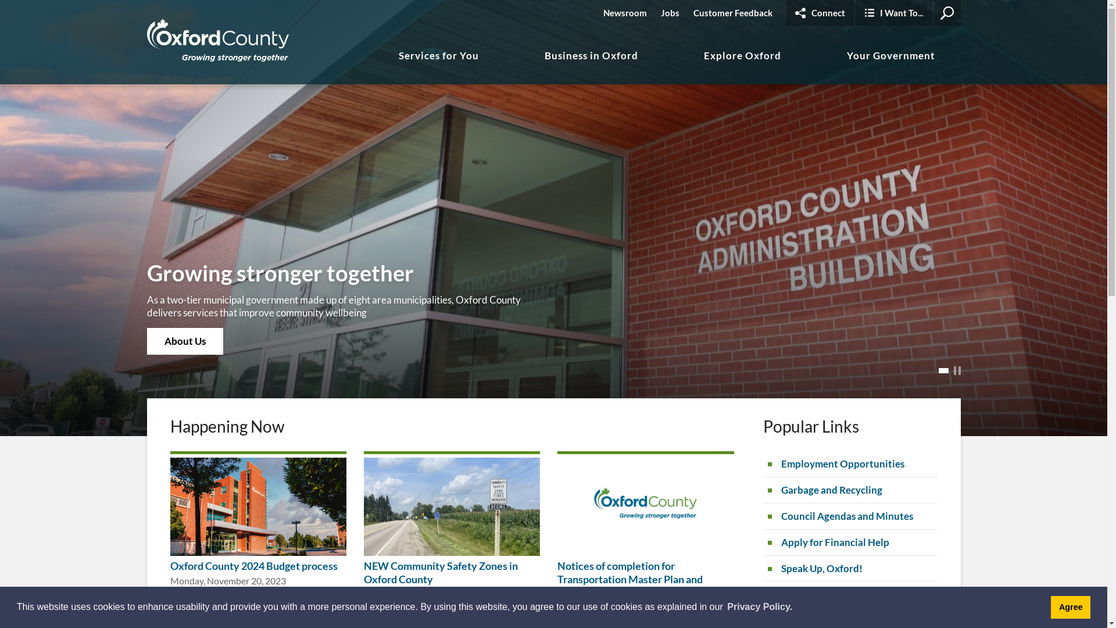 Image resolution: width=1116 pixels, height=628 pixels. Describe the element at coordinates (742, 66) in the screenshot. I see `'Explore Oxford'` at that location.